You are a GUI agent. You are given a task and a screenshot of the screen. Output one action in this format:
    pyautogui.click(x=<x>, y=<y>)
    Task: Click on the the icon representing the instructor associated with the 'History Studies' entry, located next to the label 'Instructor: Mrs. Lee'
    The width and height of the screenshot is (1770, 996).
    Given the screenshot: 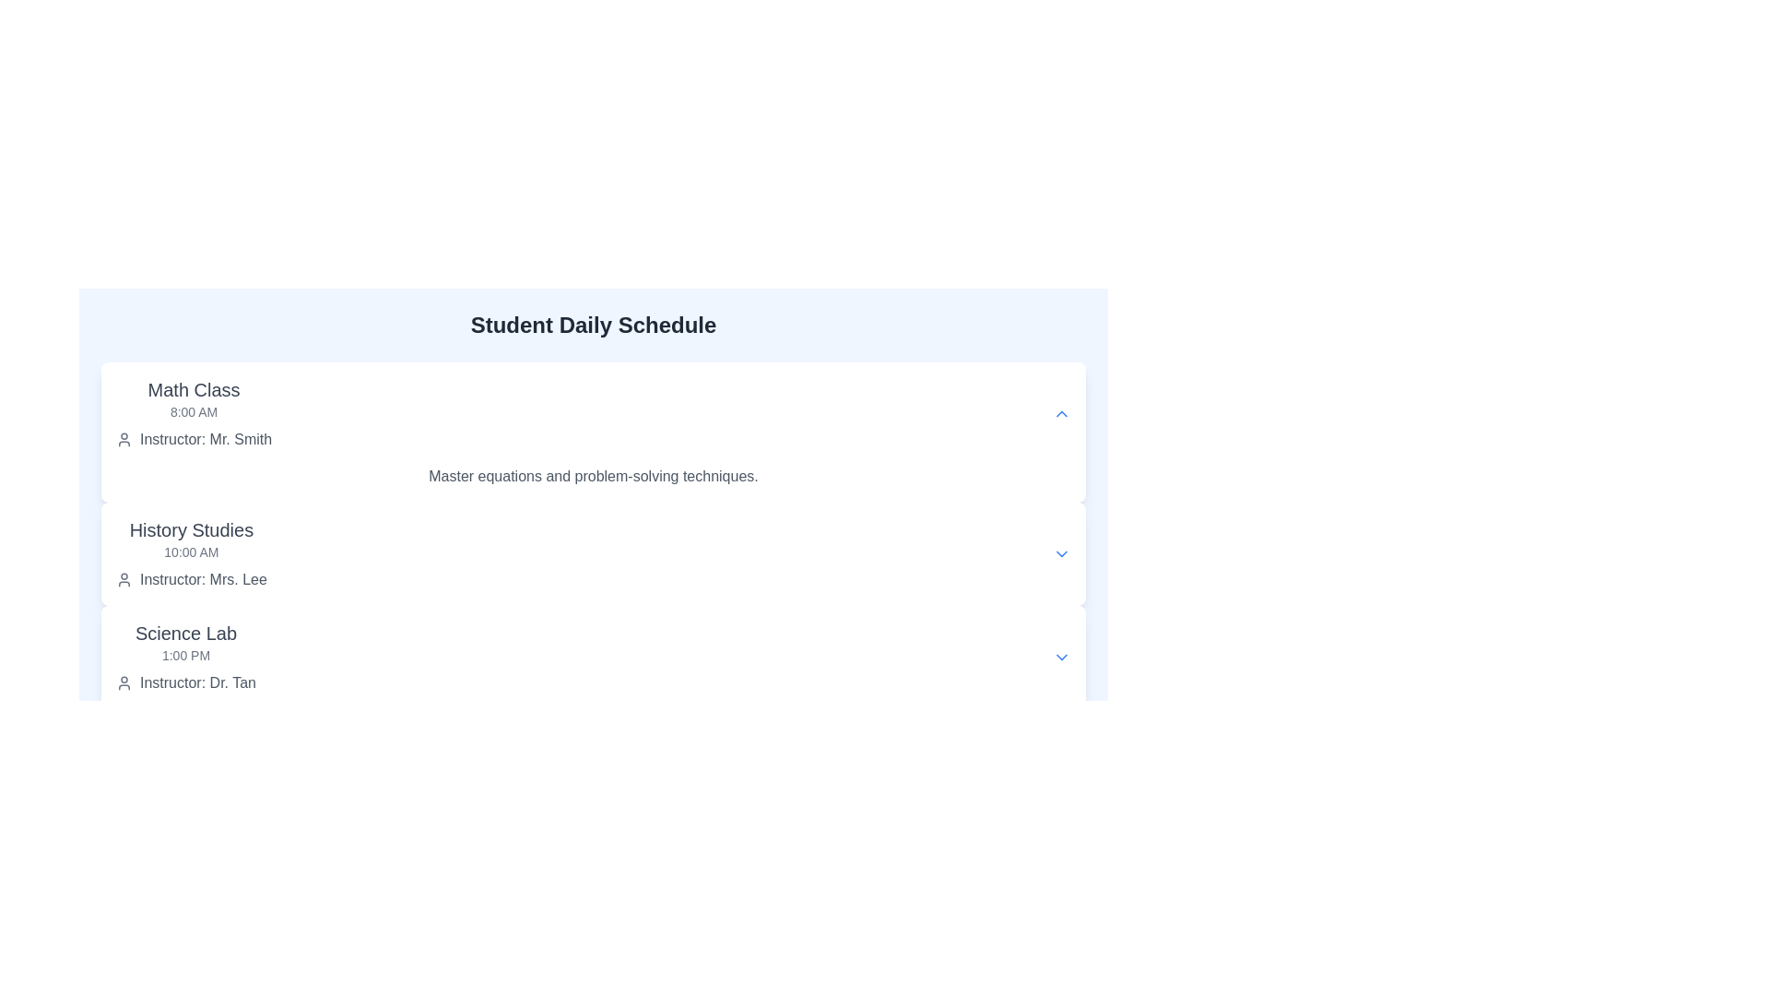 What is the action you would take?
    pyautogui.click(x=123, y=578)
    